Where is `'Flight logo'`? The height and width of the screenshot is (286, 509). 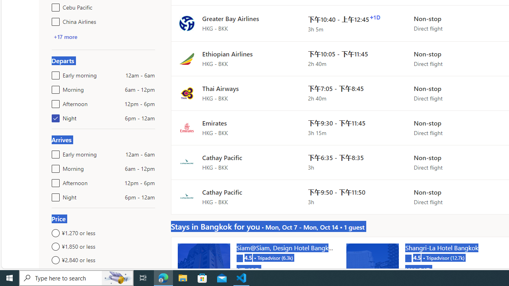
'Flight logo' is located at coordinates (186, 197).